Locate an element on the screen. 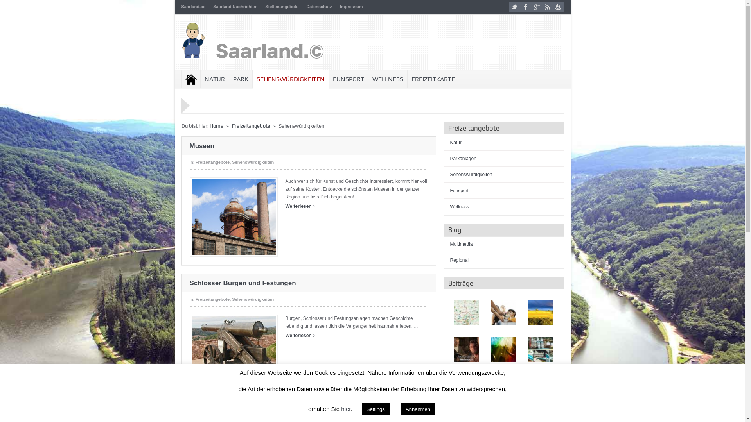 The width and height of the screenshot is (751, 422). 'facebook' is located at coordinates (525, 7).